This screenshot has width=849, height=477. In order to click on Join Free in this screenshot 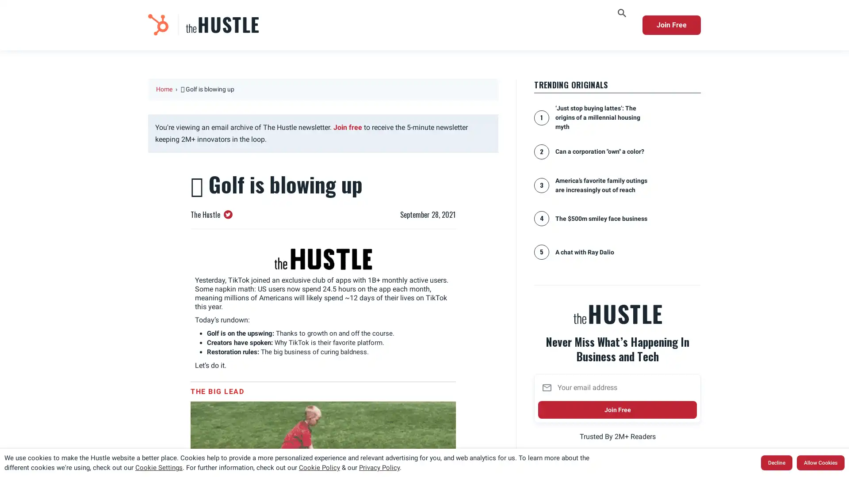, I will do `click(617, 413)`.